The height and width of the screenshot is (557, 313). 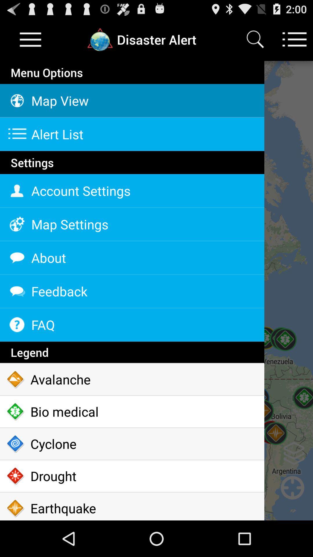 I want to click on search icon which is at the top of the page, so click(x=255, y=39).